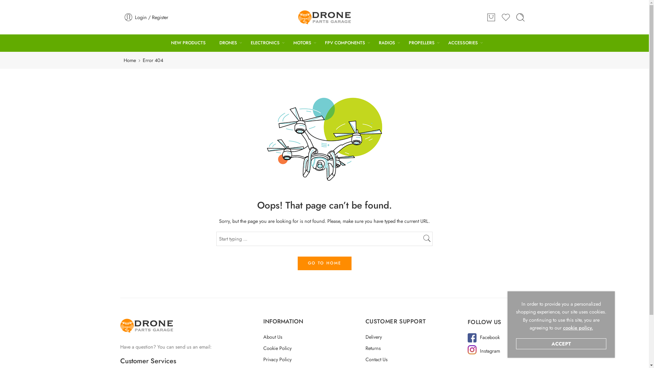 The height and width of the screenshot is (368, 654). What do you see at coordinates (471, 350) in the screenshot?
I see `'instagram'` at bounding box center [471, 350].